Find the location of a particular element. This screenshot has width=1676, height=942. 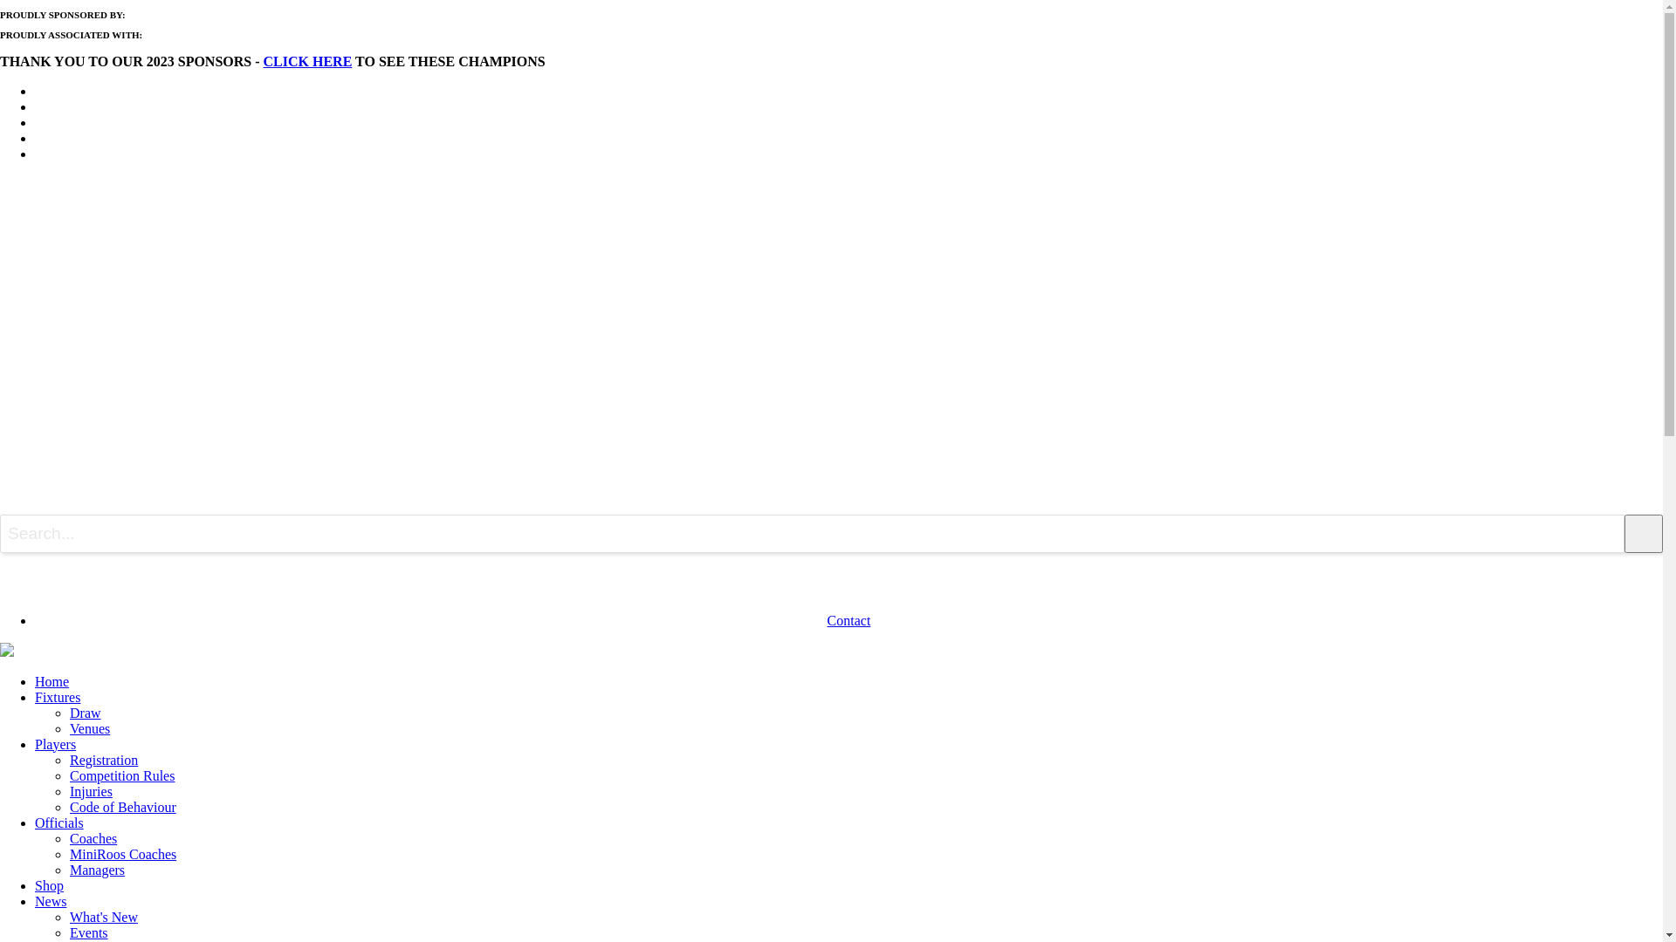

'What's New' is located at coordinates (103, 916).